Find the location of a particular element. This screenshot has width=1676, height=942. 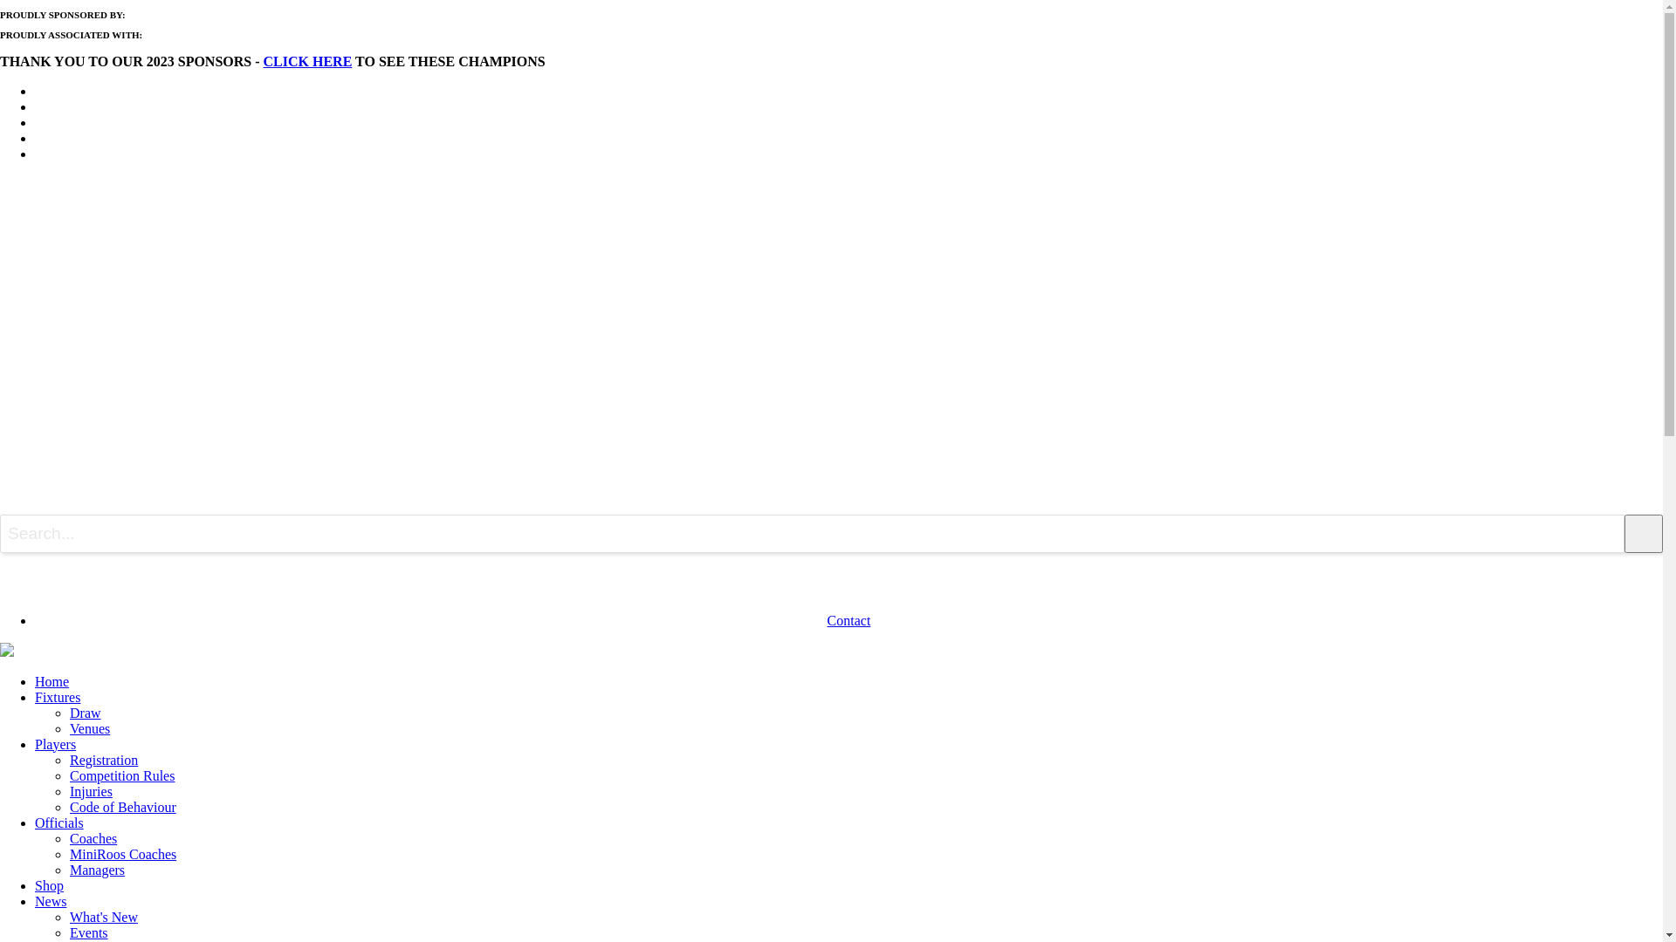

'What's New' is located at coordinates (103, 916).